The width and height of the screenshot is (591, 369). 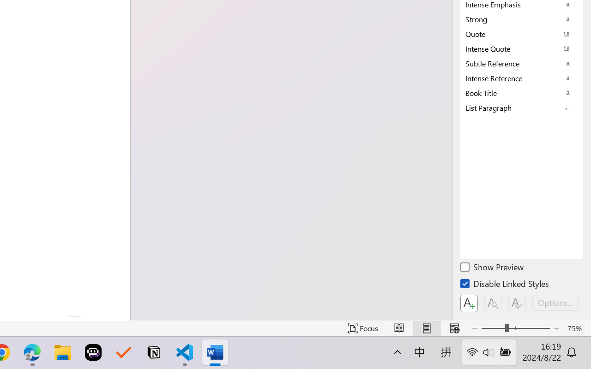 I want to click on 'Intense Reference', so click(x=522, y=77).